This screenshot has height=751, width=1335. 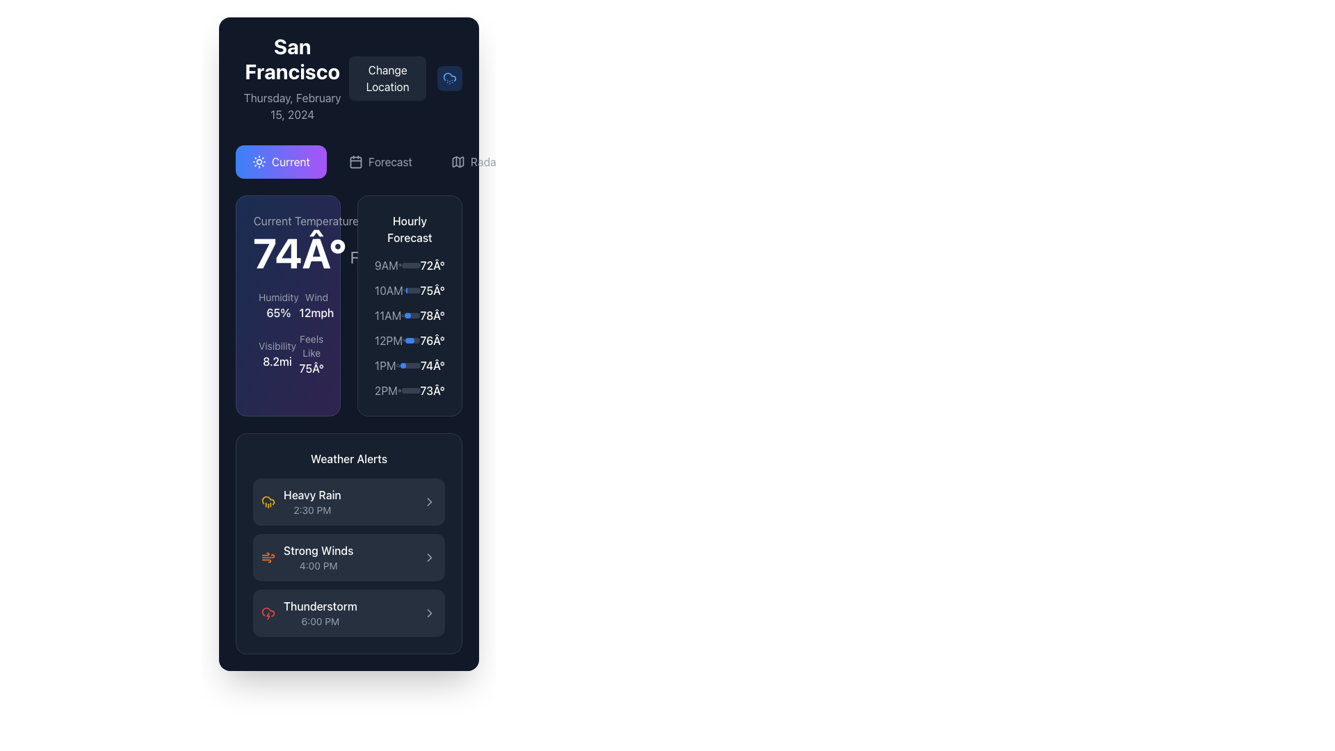 What do you see at coordinates (319, 621) in the screenshot?
I see `the displayed time associated with the 'Thunderstorm' alert in the 'Weather Alerts' section by clicking on the TextLabel located at the bottom of the 'Thunderstorm' entry` at bounding box center [319, 621].